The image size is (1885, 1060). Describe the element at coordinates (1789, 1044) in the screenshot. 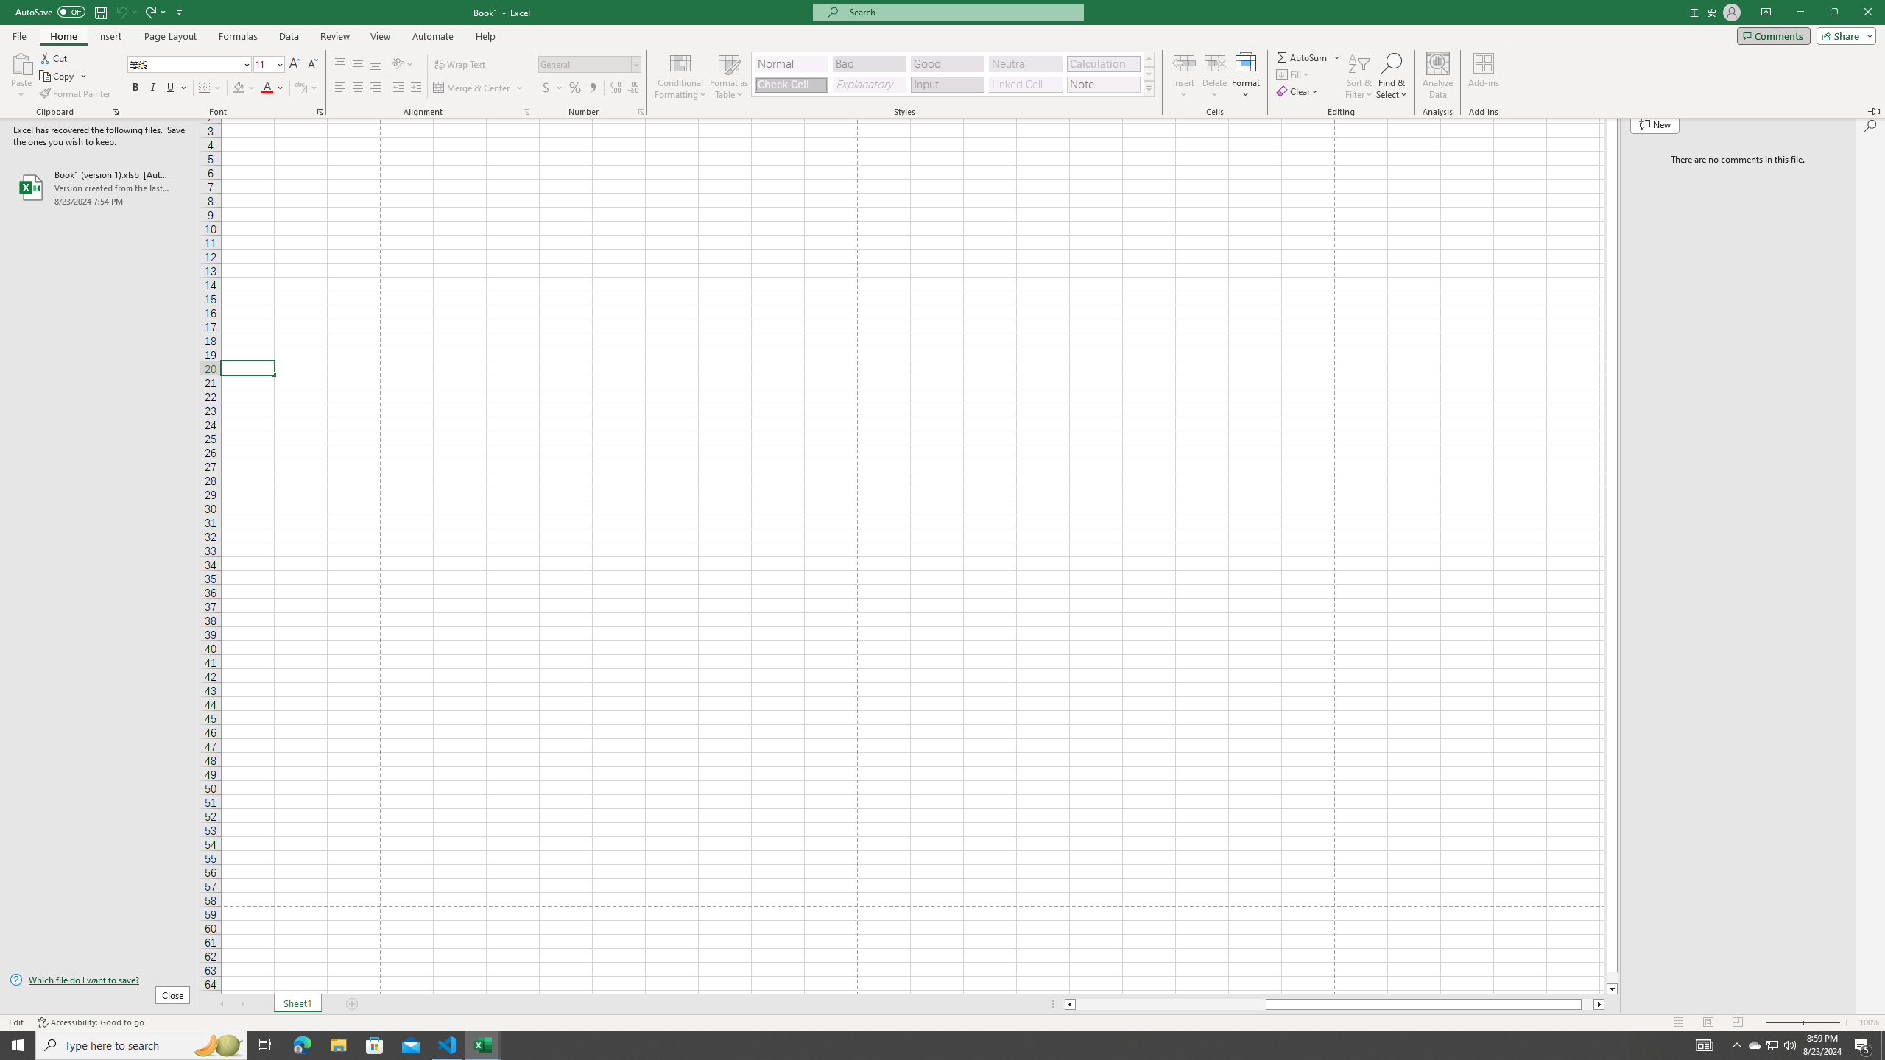

I see `'Q2790: 100%'` at that location.